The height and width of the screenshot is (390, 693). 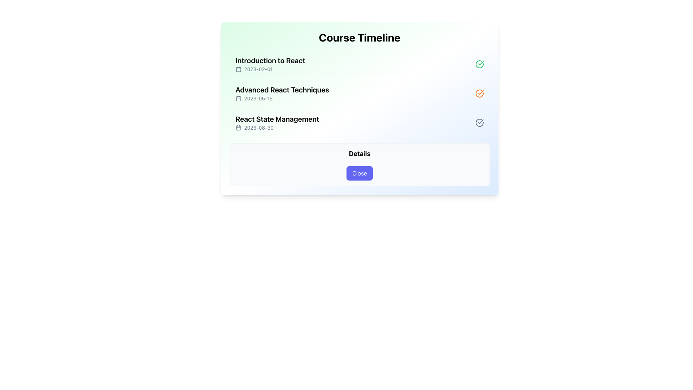 What do you see at coordinates (480, 92) in the screenshot?
I see `the orange checkmark icon that marks the 'Advanced React Techniques' item as complete, located in the second row on the right-hand side of the interface` at bounding box center [480, 92].